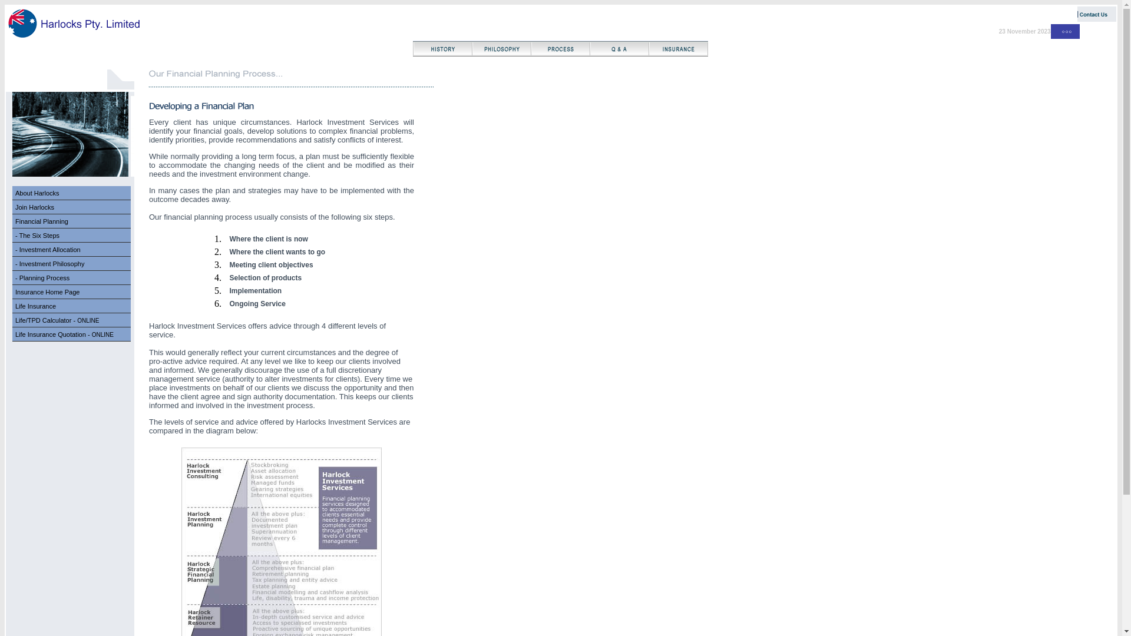 The width and height of the screenshot is (1131, 636). What do you see at coordinates (47, 291) in the screenshot?
I see `'Insurance Home Page'` at bounding box center [47, 291].